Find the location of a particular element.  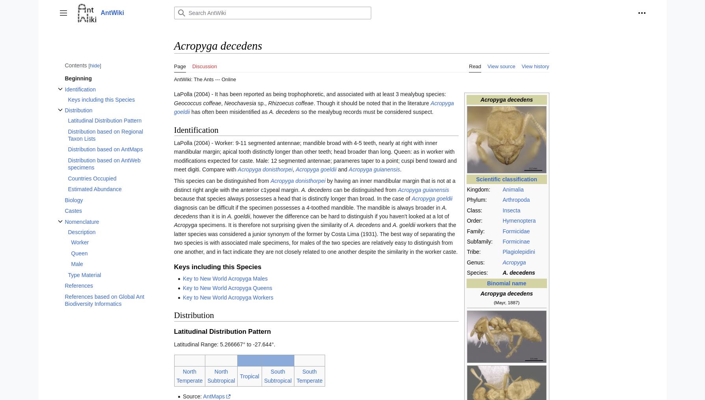

'so the mealybug records must be considered suspect.' is located at coordinates (299, 112).